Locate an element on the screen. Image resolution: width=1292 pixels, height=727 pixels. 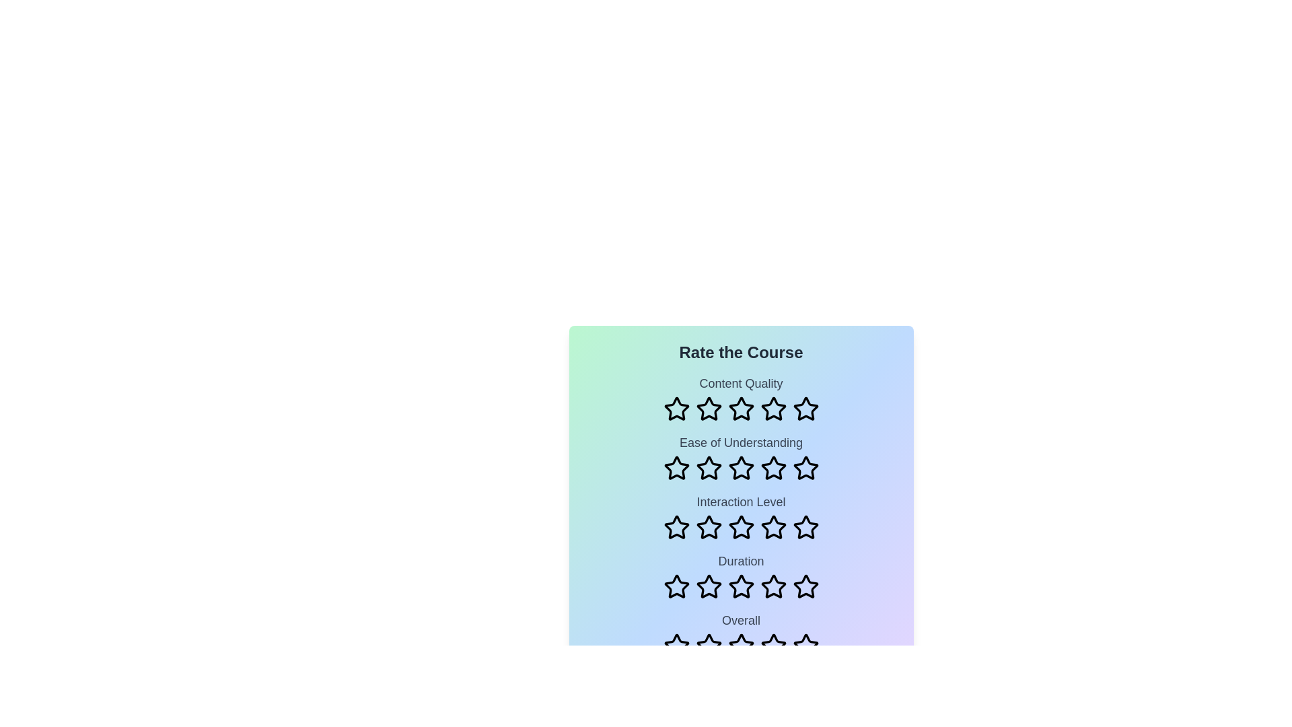
the submit button to finalize and submit the ratings is located at coordinates (740, 692).